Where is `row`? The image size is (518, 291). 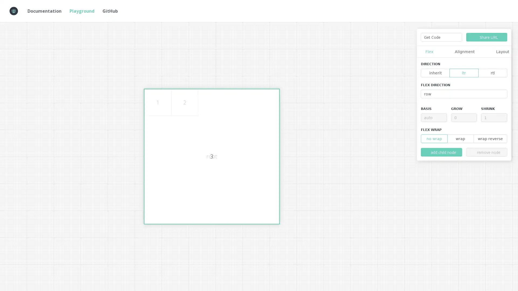 row is located at coordinates (464, 93).